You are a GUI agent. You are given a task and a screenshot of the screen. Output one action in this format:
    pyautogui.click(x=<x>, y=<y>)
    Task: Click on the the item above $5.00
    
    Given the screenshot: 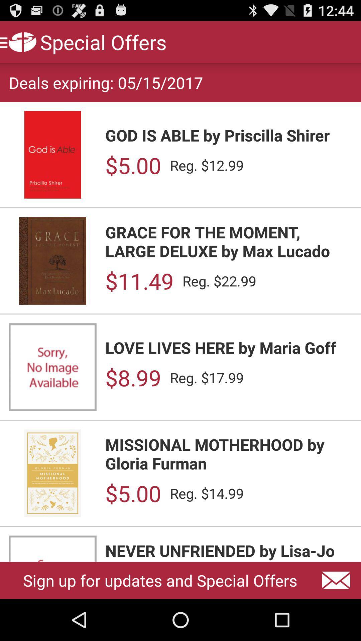 What is the action you would take?
    pyautogui.click(x=228, y=135)
    